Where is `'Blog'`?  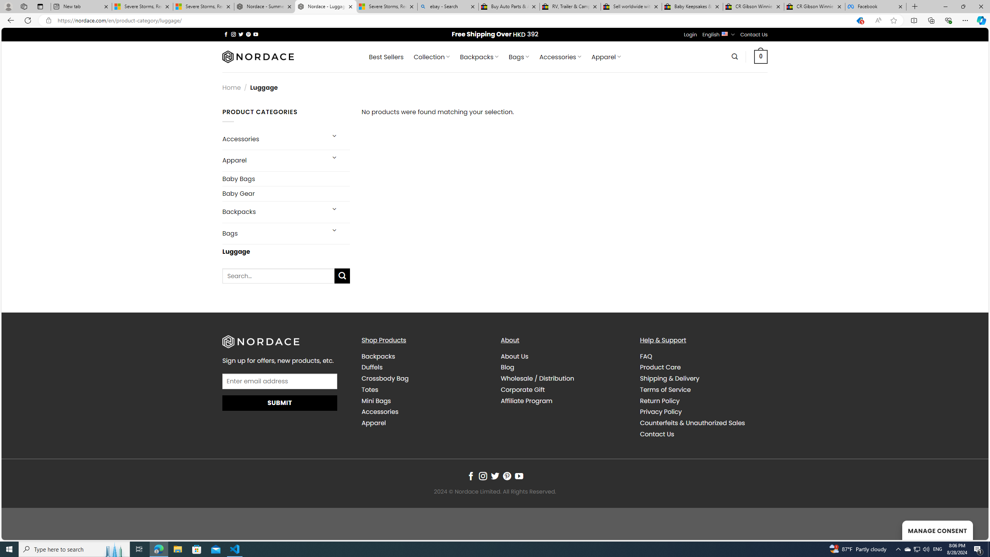 'Blog' is located at coordinates (507, 367).